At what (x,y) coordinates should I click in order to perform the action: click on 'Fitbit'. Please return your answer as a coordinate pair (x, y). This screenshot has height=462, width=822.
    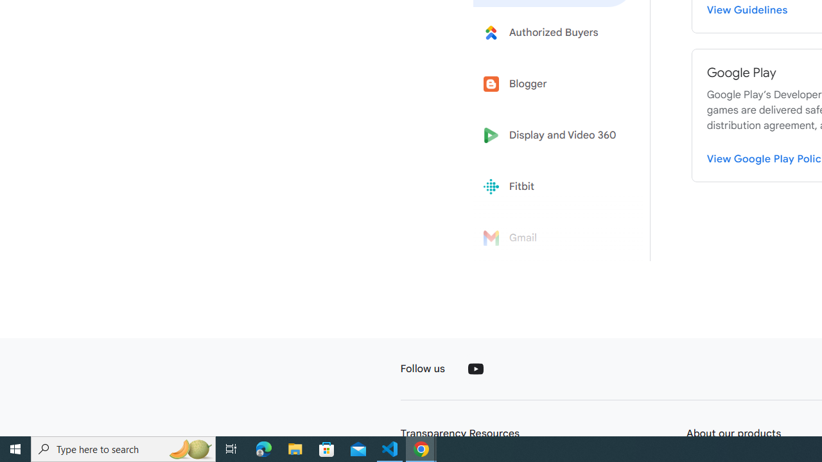
    Looking at the image, I should click on (554, 187).